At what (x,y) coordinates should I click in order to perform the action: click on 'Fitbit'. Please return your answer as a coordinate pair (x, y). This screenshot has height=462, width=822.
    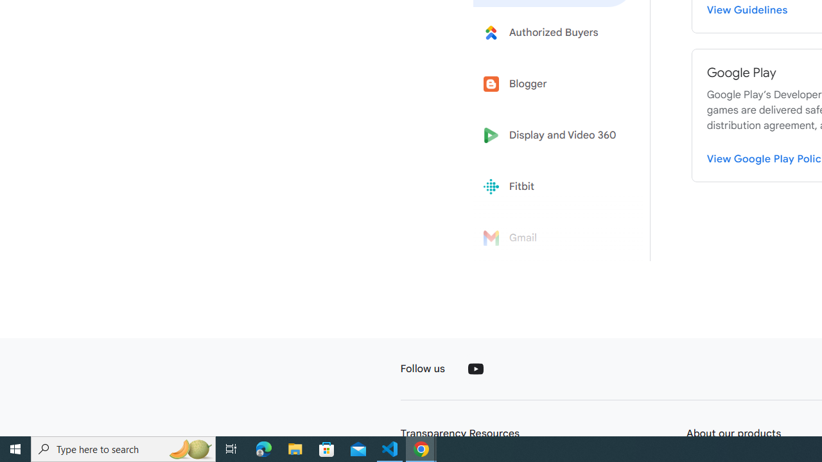
    Looking at the image, I should click on (554, 187).